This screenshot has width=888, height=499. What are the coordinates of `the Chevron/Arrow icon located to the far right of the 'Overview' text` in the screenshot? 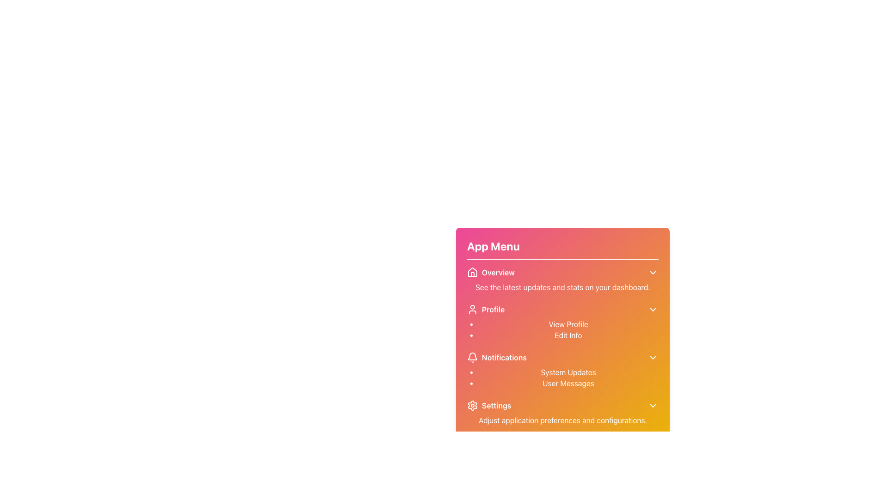 It's located at (652, 272).